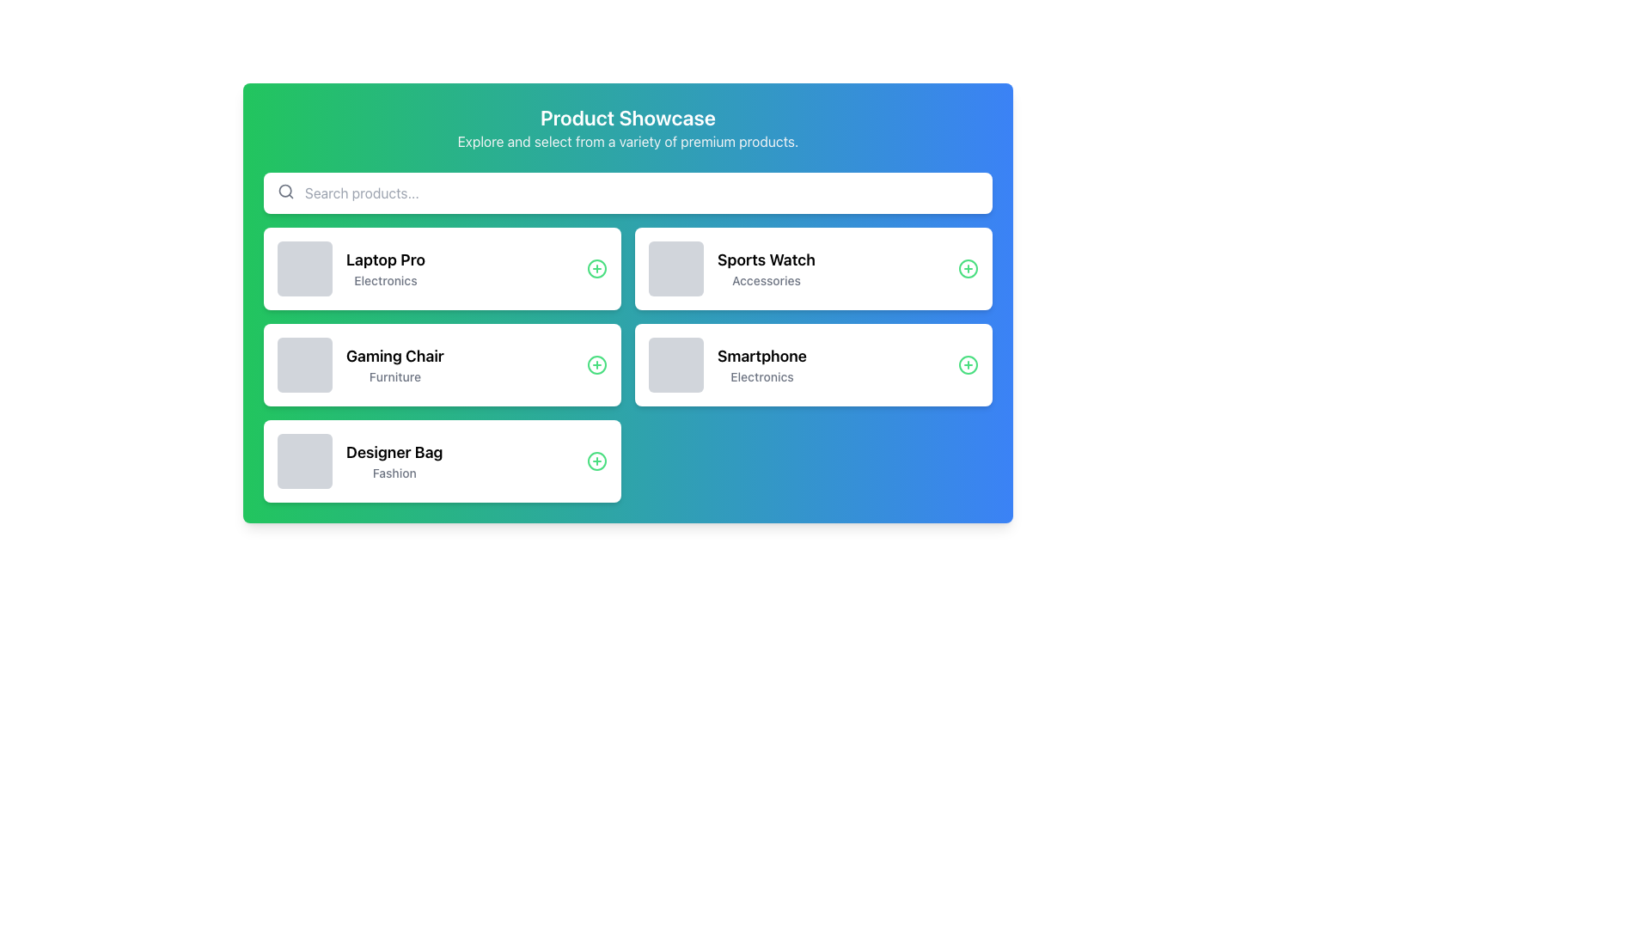 Image resolution: width=1650 pixels, height=928 pixels. Describe the element at coordinates (394, 376) in the screenshot. I see `the textual label displaying 'Furniture' located directly underneath the 'Gaming Chair' title in the card layout` at that location.